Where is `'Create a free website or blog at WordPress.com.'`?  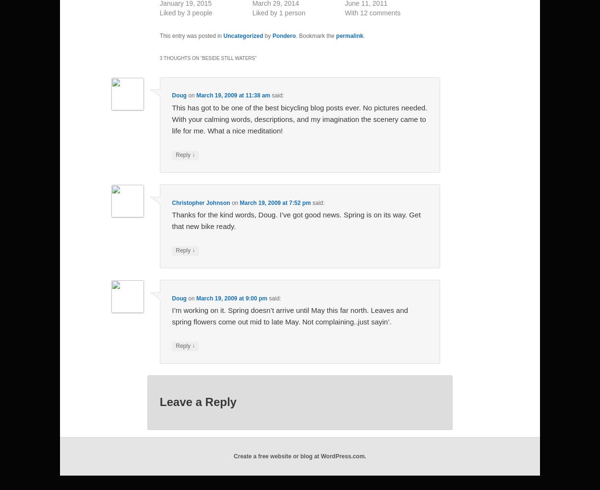
'Create a free website or blog at WordPress.com.' is located at coordinates (299, 455).